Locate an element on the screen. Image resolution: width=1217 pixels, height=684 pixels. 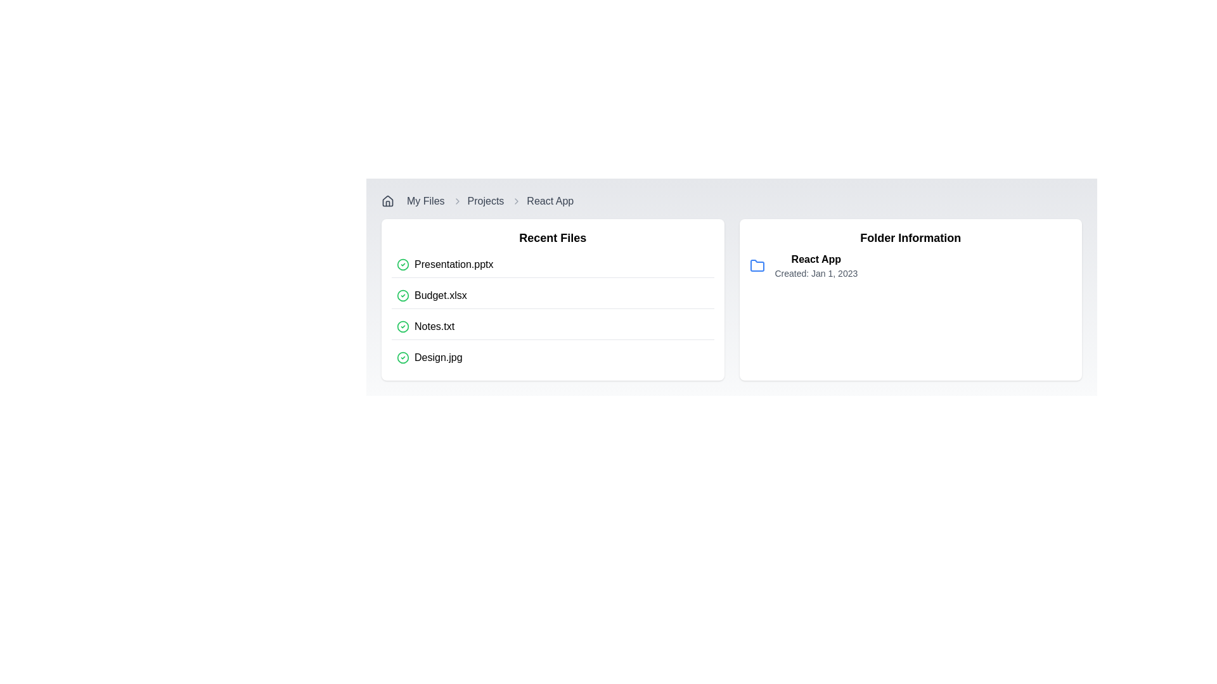
the 'home' icon located in the top-left area of the interface, part of the navigation trail labeled 'My Files > Projects > React App' is located at coordinates (387, 199).